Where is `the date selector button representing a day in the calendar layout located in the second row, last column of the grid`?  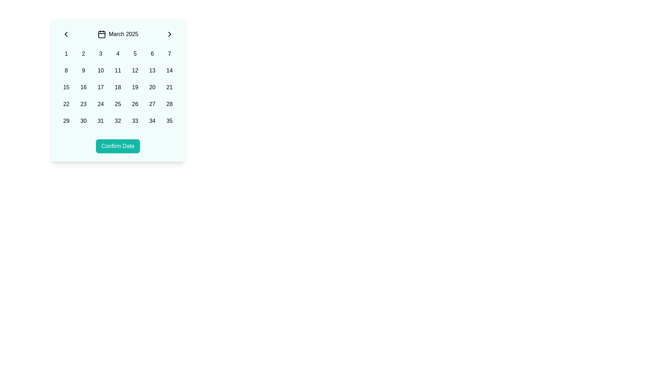
the date selector button representing a day in the calendar layout located in the second row, last column of the grid is located at coordinates (169, 70).